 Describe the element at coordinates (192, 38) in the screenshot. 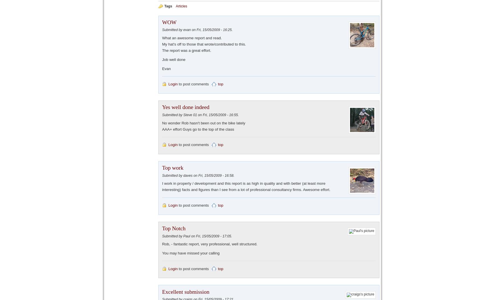

I see `'What an awesome report and read.'` at that location.